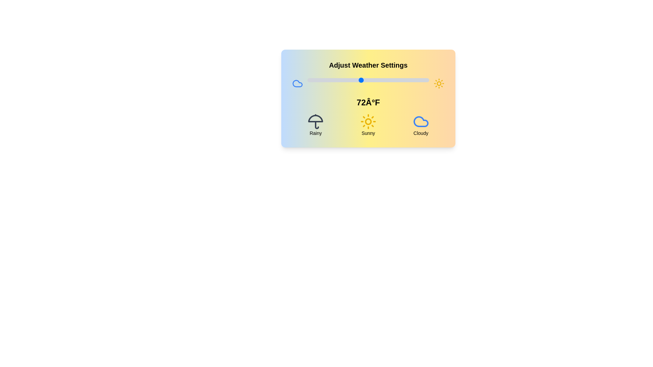 The image size is (653, 367). Describe the element at coordinates (392, 80) in the screenshot. I see `the temperature slider to 85°F` at that location.